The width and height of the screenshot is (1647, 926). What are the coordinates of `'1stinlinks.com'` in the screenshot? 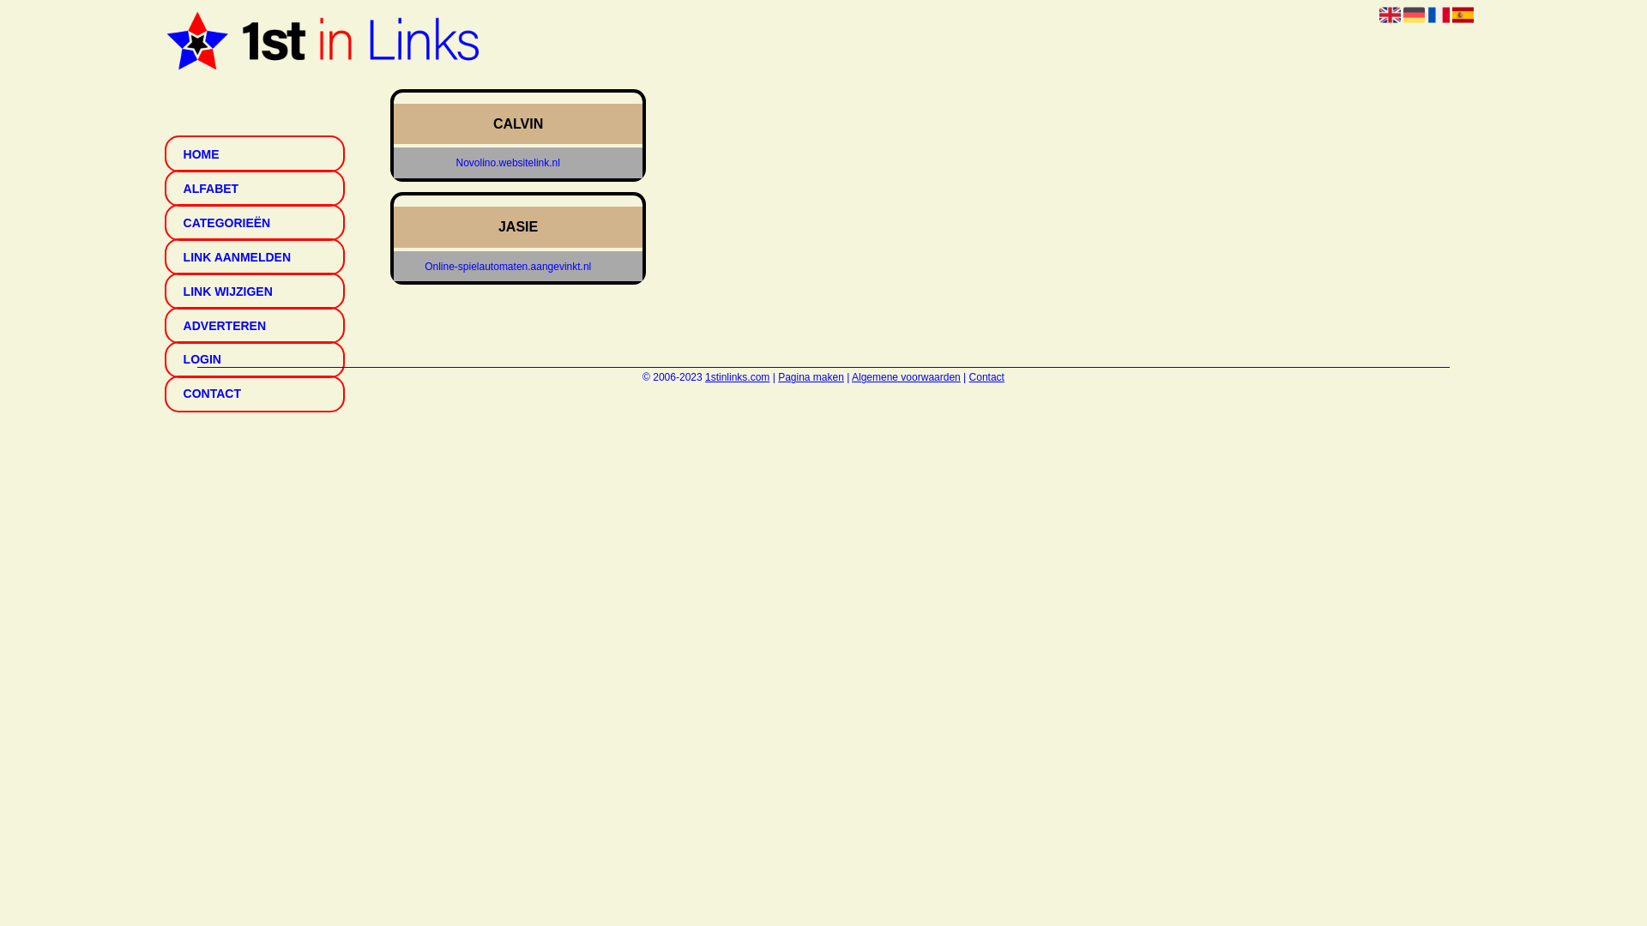 It's located at (704, 376).